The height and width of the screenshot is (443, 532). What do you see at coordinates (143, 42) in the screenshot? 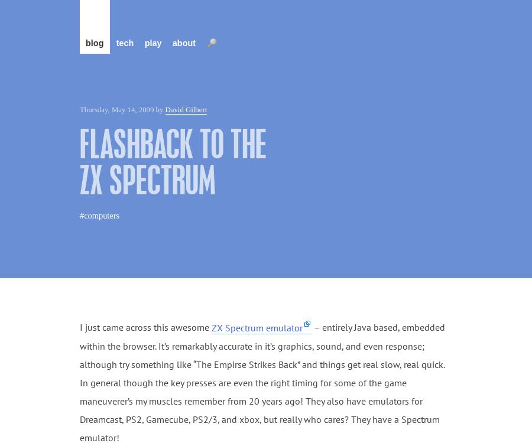
I see `'play'` at bounding box center [143, 42].